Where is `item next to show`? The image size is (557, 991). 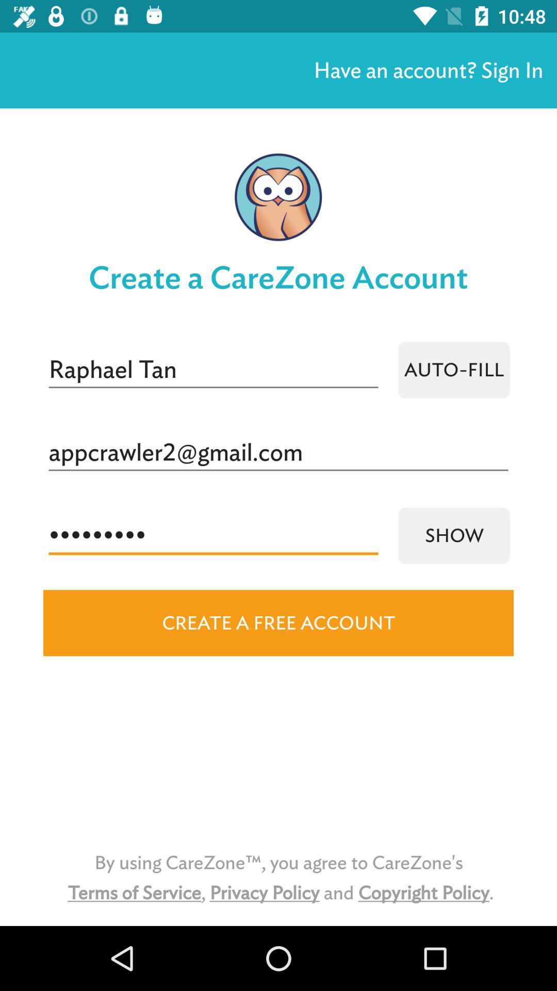
item next to show is located at coordinates (212, 535).